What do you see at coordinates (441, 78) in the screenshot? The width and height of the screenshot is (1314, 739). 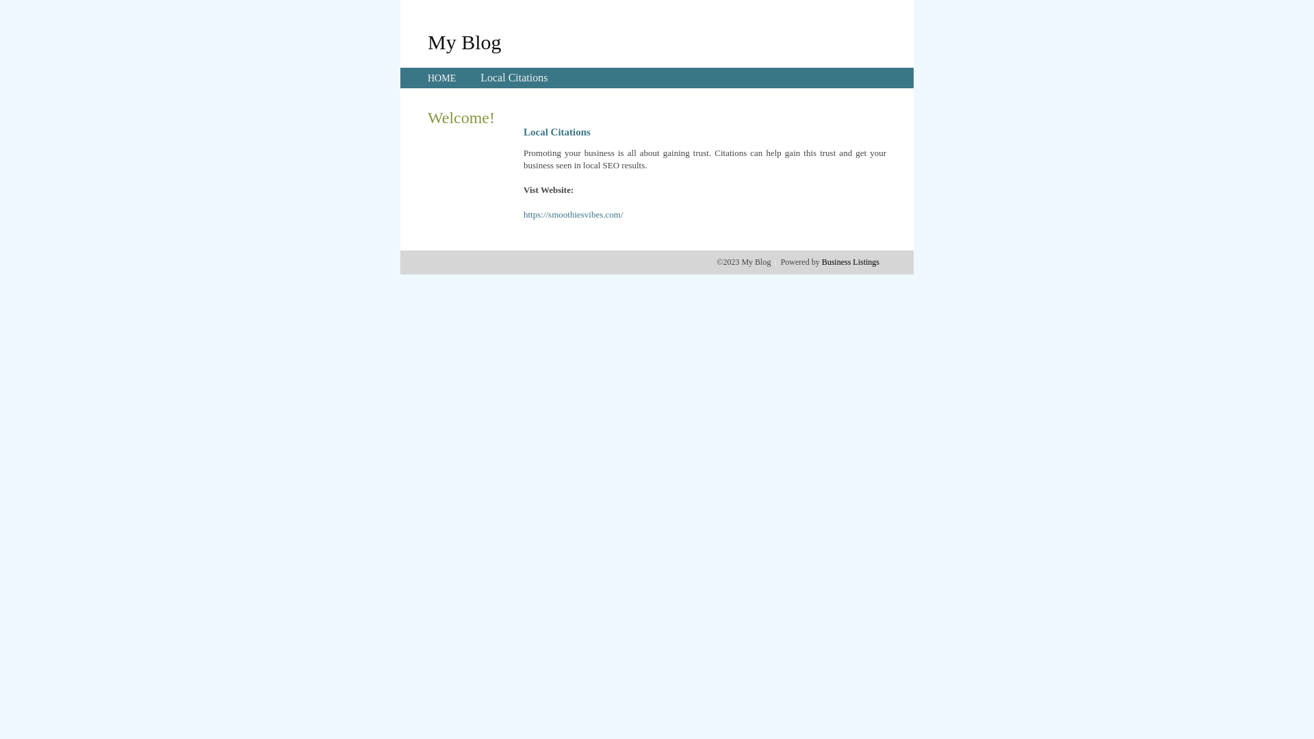 I see `'HOME'` at bounding box center [441, 78].